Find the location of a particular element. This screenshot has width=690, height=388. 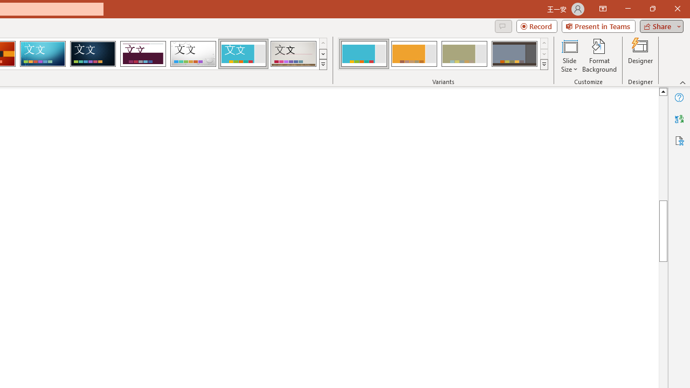

'Frame Variant 3' is located at coordinates (464, 54).